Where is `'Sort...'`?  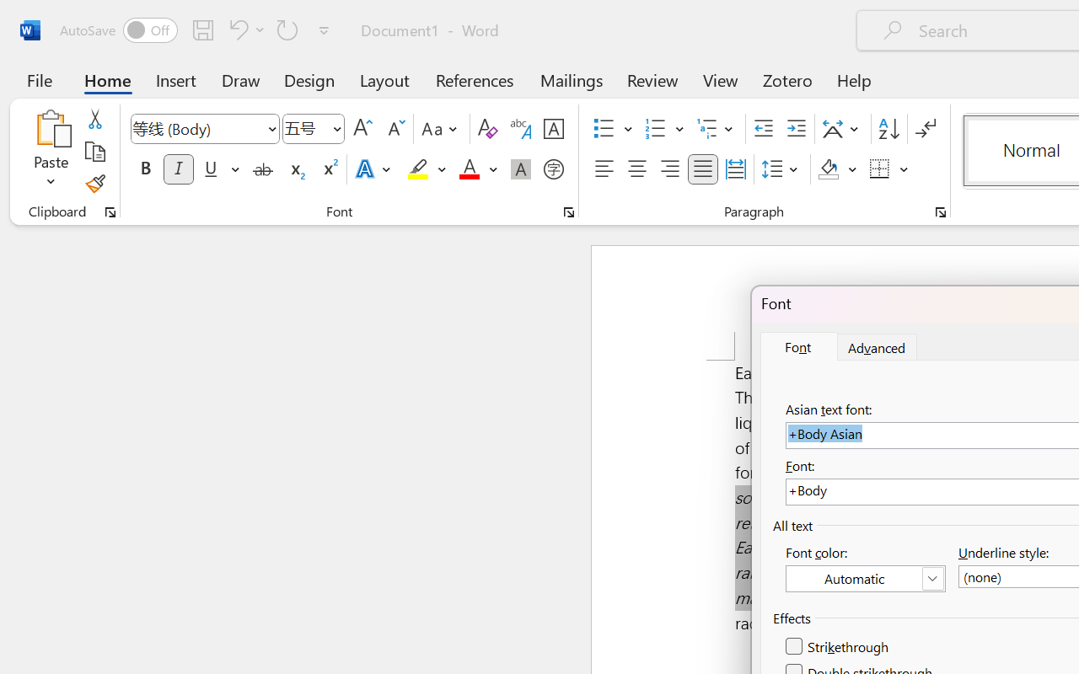
'Sort...' is located at coordinates (888, 129).